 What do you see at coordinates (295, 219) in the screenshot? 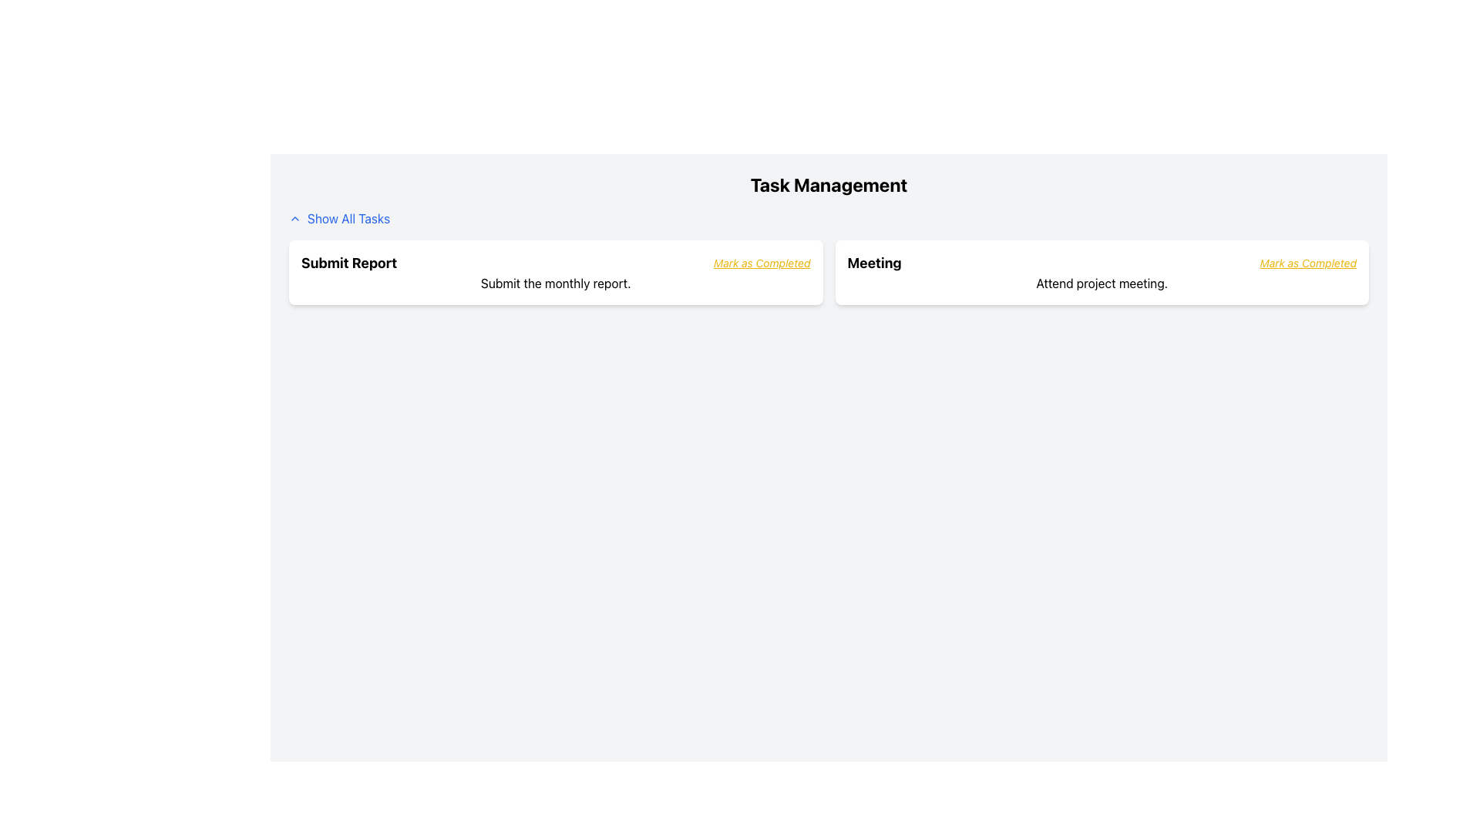
I see `the chevron-shaped icon pointing upwards, located to the left of the 'Show All Tasks' text link` at bounding box center [295, 219].